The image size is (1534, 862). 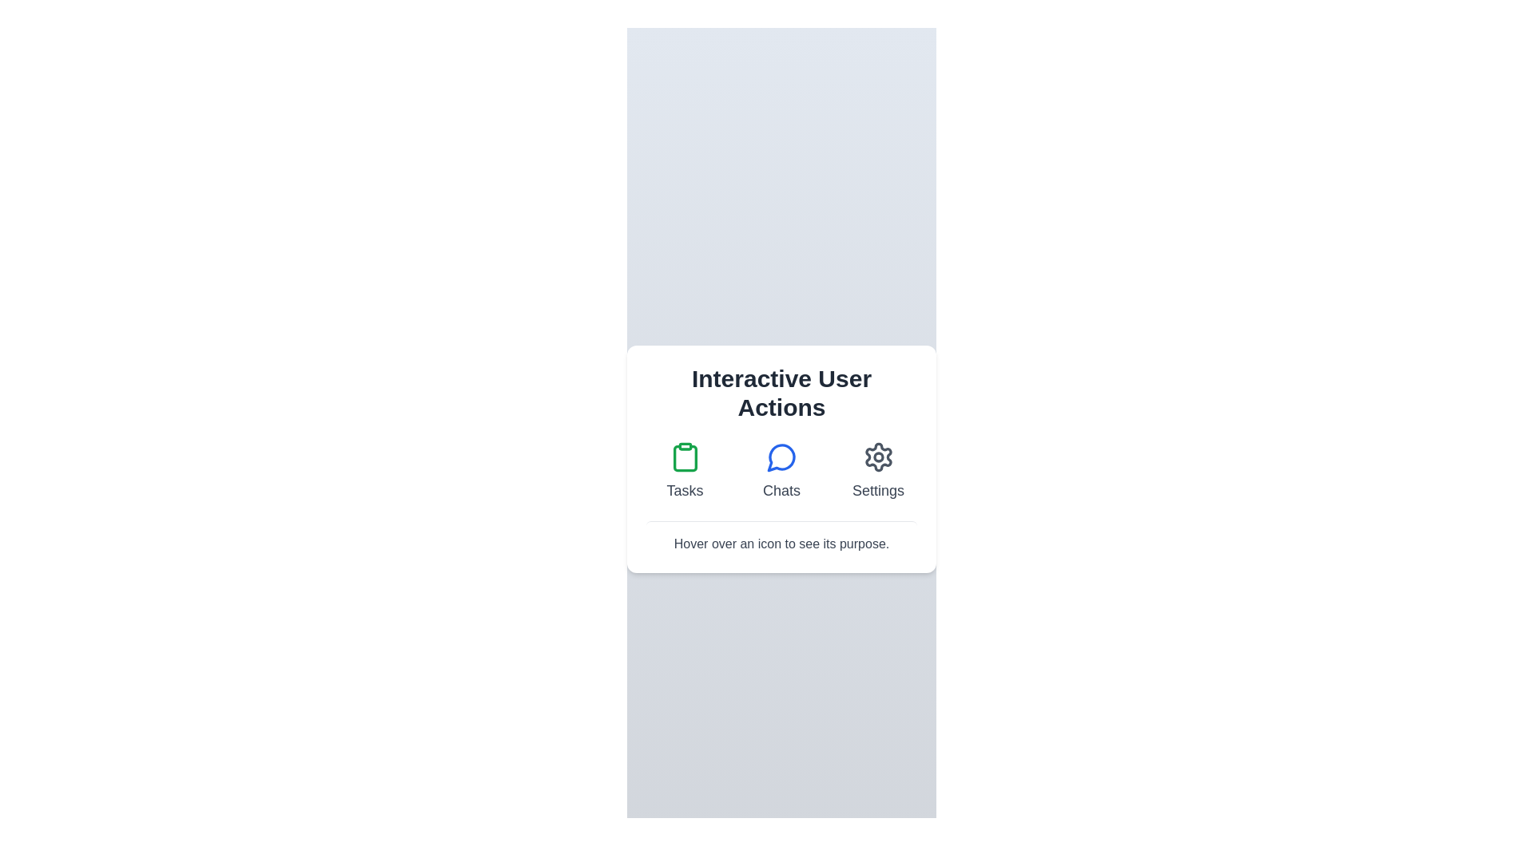 What do you see at coordinates (685, 458) in the screenshot?
I see `the clipboard icon, which is the leftmost icon in the 'Interactive User Actions' section, featuring a green outline and a clip at the top` at bounding box center [685, 458].